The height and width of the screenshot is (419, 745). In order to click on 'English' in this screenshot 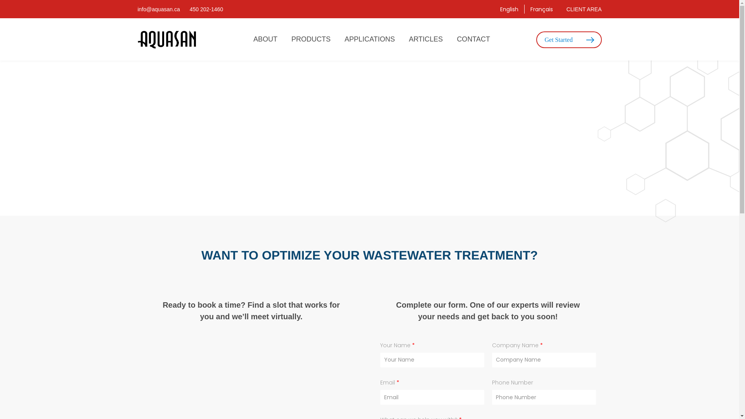, I will do `click(509, 9)`.